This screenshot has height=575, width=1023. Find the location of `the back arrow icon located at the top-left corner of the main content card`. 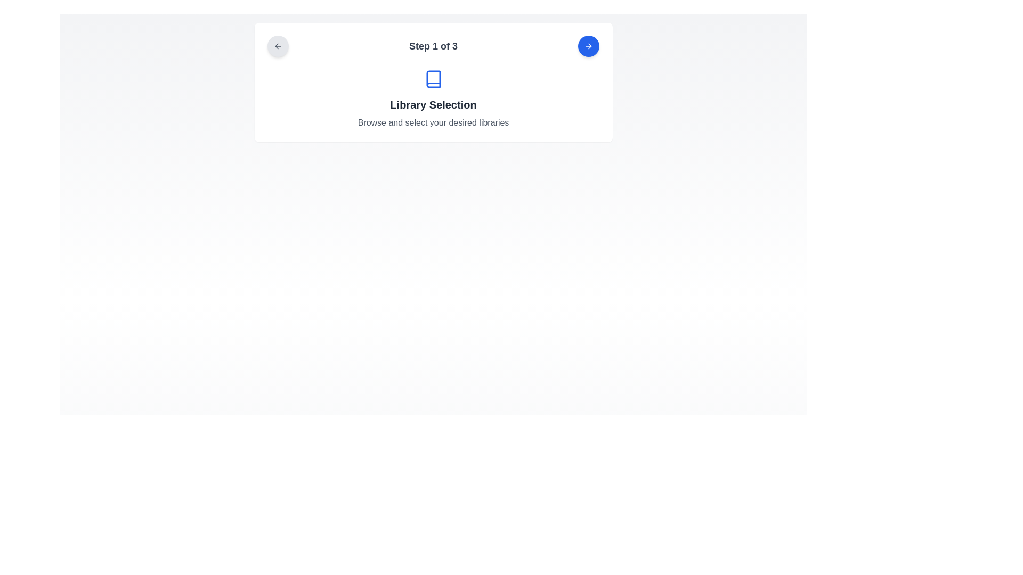

the back arrow icon located at the top-left corner of the main content card is located at coordinates (278, 46).